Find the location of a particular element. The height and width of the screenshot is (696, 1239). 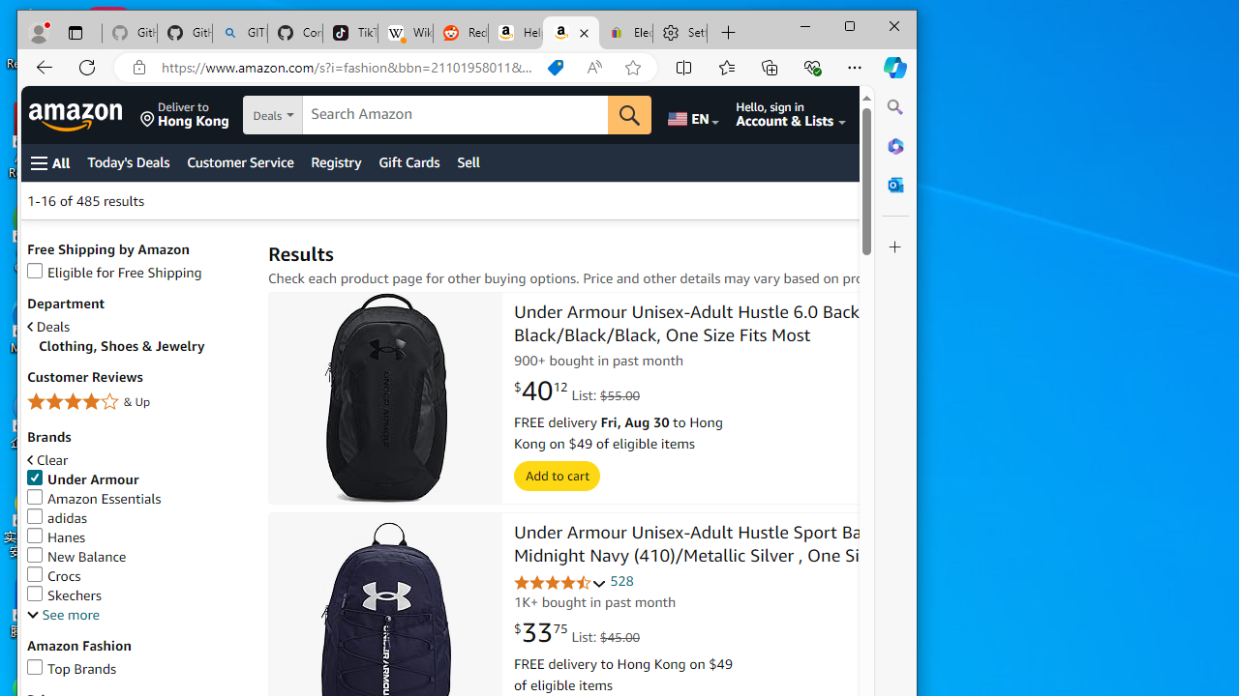

'Choose a language for shopping.' is located at coordinates (692, 115).